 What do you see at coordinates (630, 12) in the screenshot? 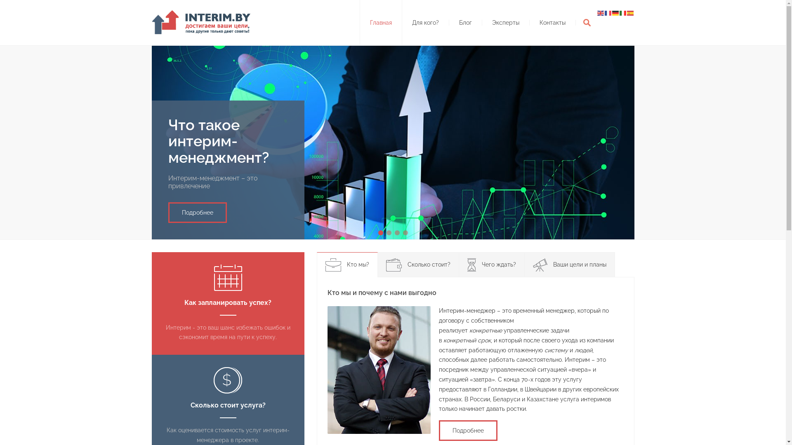
I see `'Spanish'` at bounding box center [630, 12].